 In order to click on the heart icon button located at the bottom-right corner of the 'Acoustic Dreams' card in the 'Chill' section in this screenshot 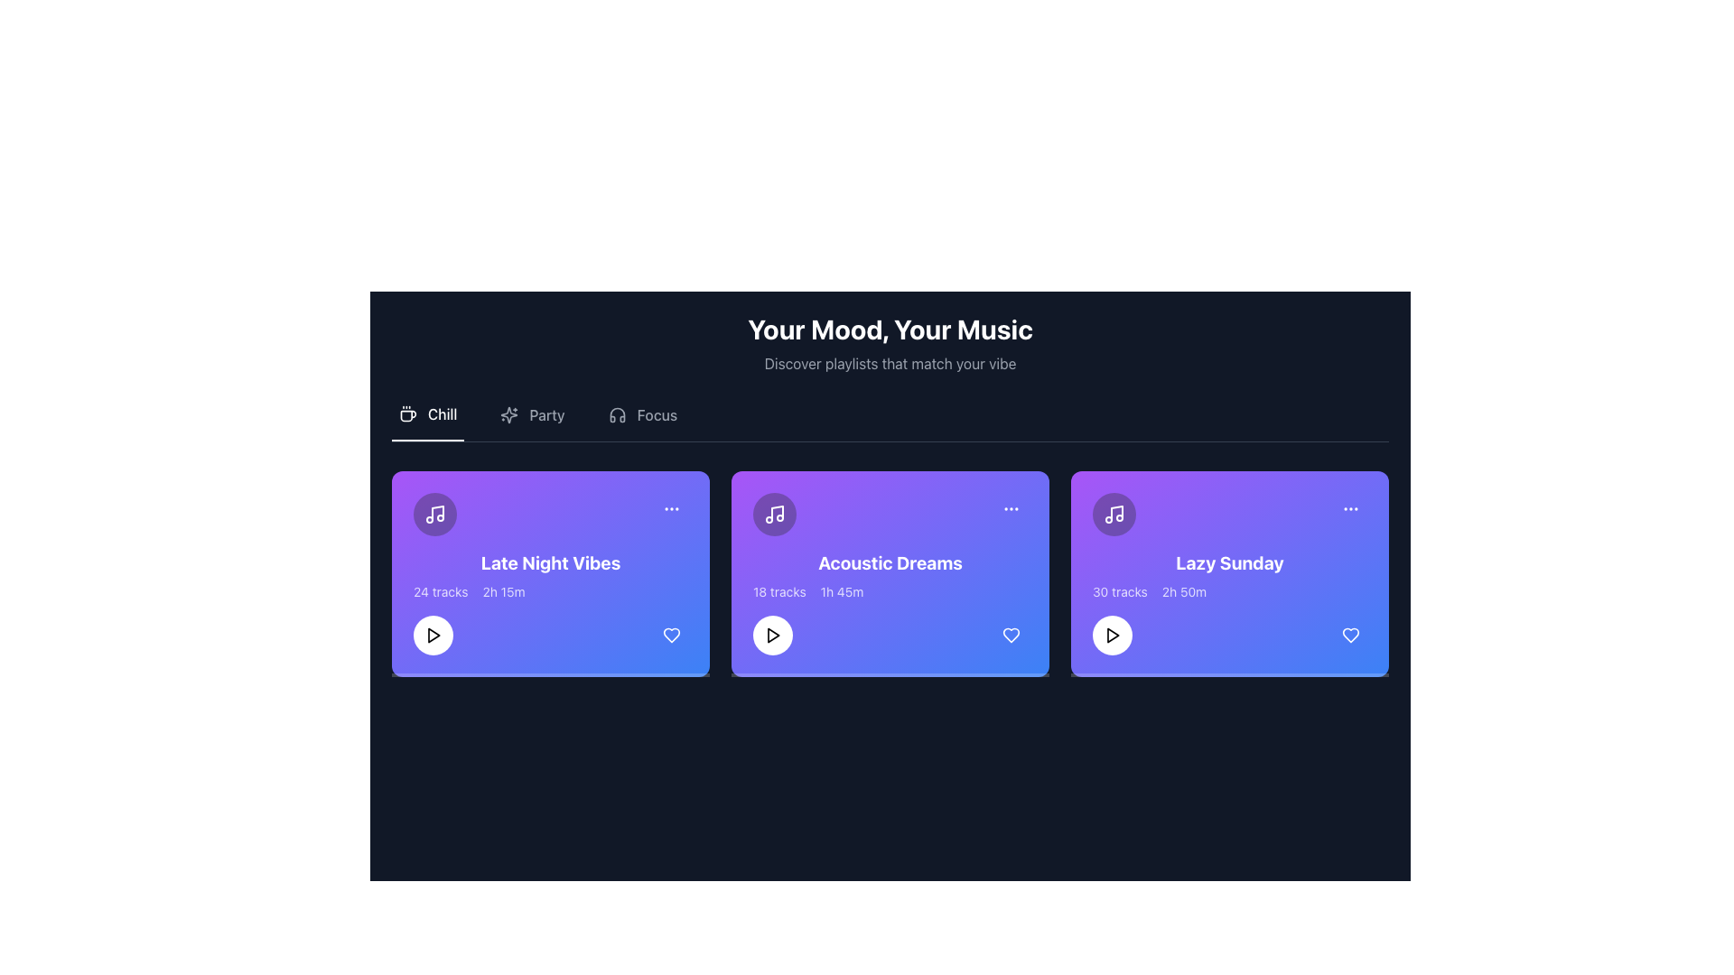, I will do `click(1010, 635)`.